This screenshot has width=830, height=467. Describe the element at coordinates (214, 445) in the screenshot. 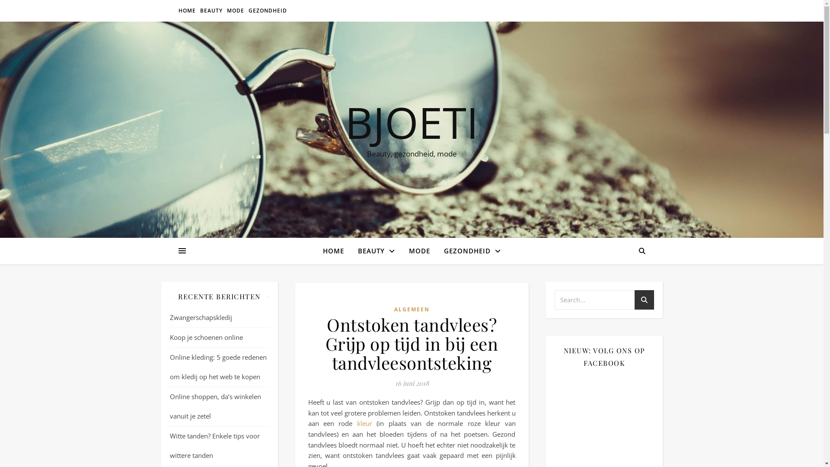

I see `'Witte tanden? Enkele tips voor wittere tanden'` at that location.